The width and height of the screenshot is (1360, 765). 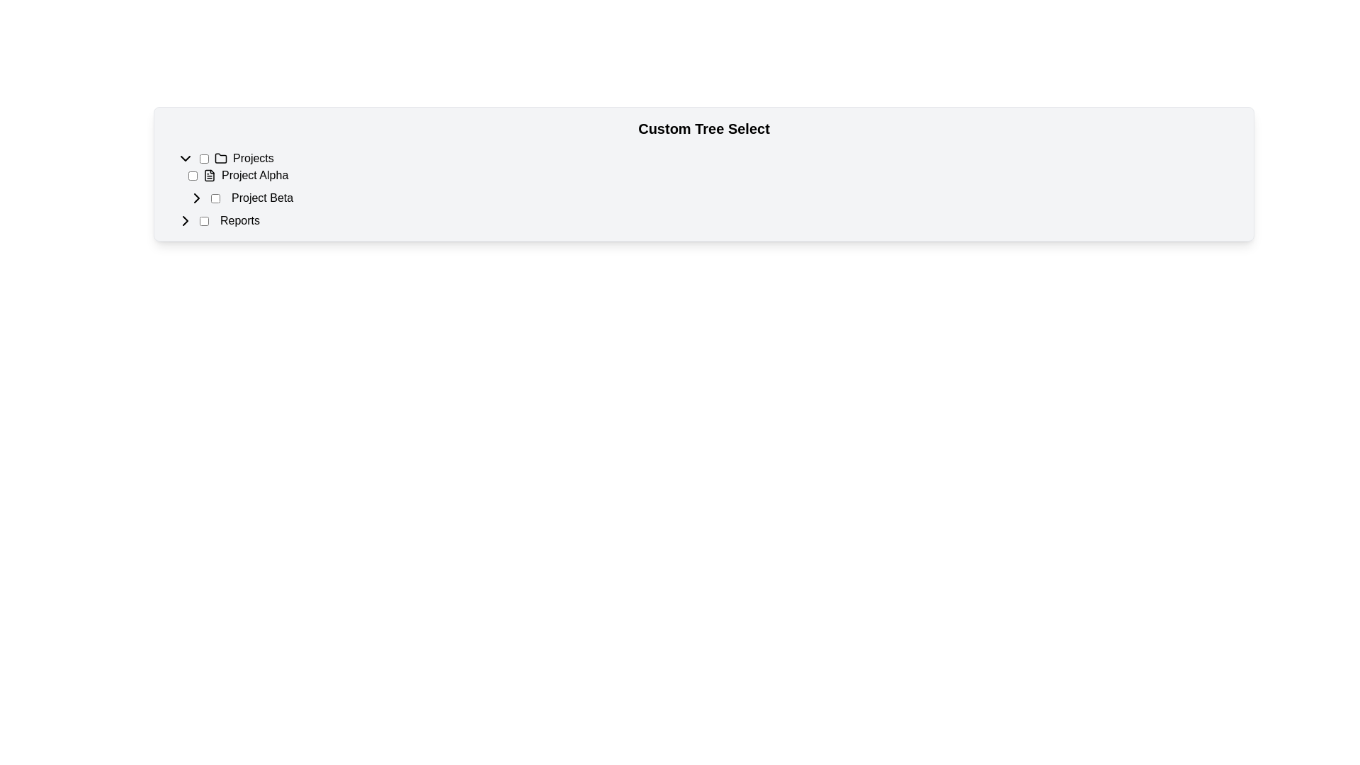 I want to click on the 'Projects' static text label, which is located to the right of a folder icon and left of specific project entries, to interact with adjacent elements, so click(x=253, y=158).